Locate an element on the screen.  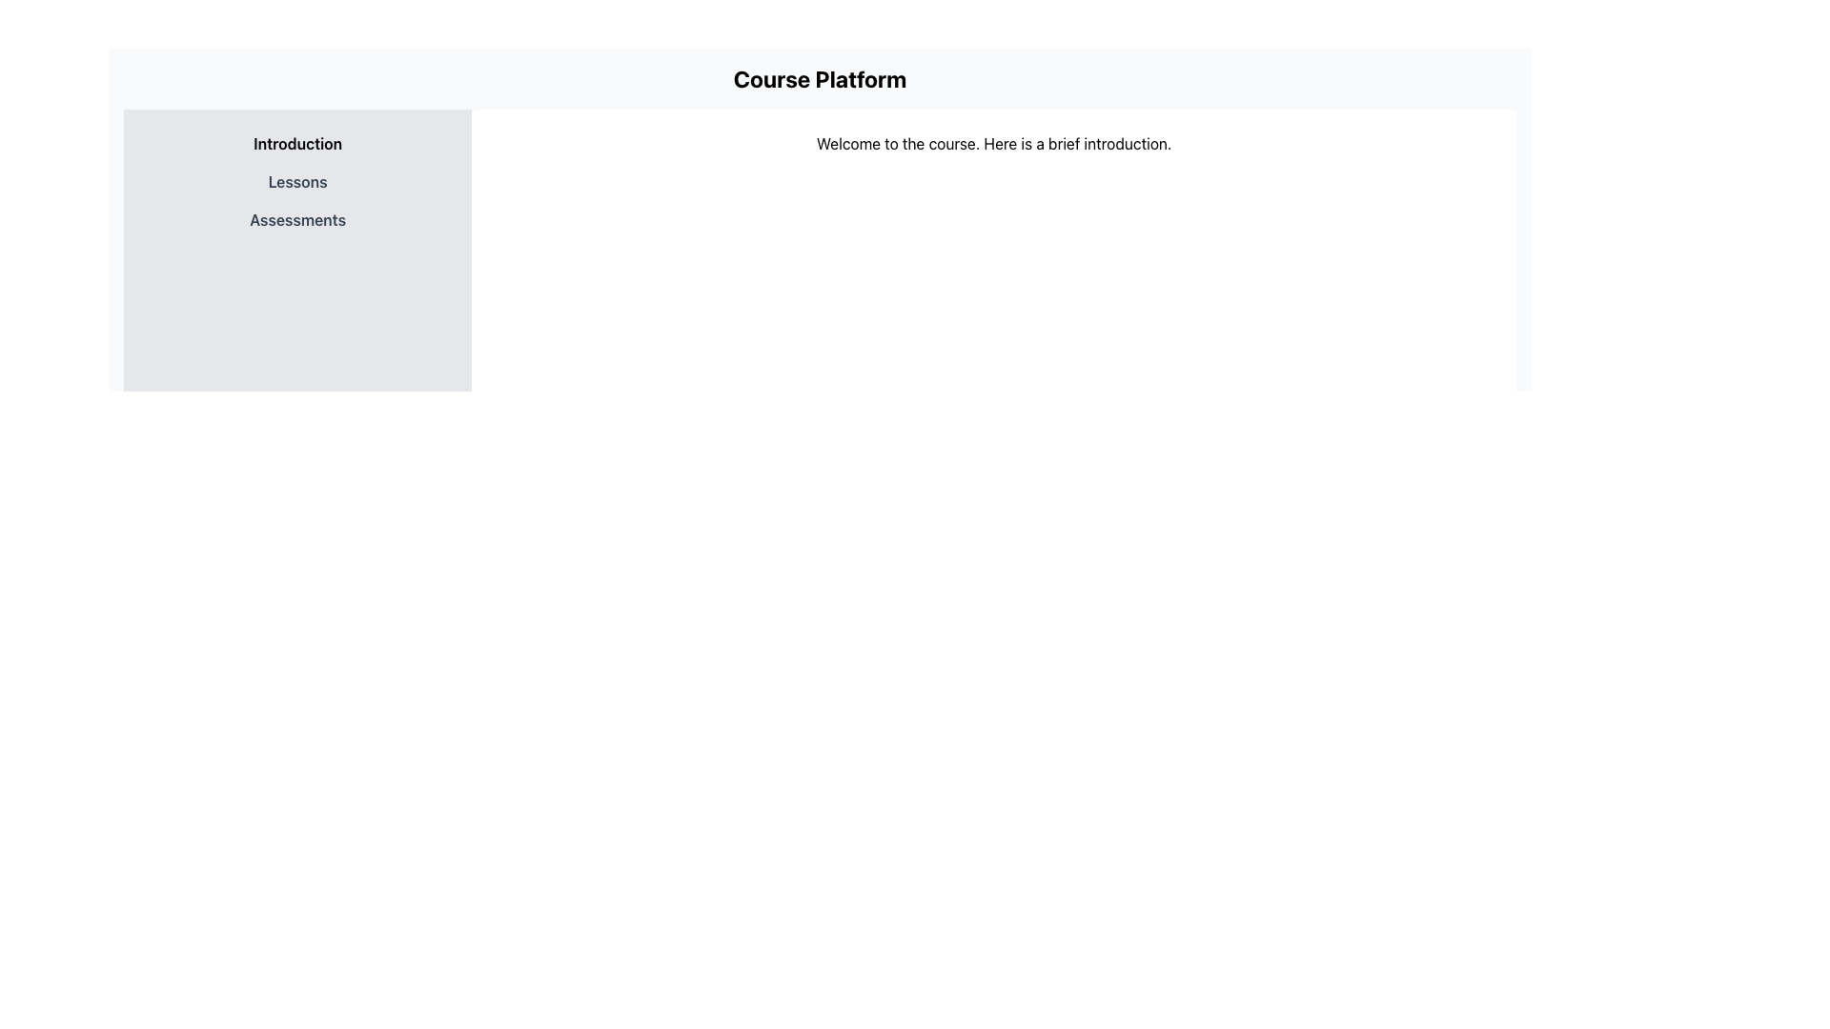
the text label displaying 'Assessments' is located at coordinates (296, 219).